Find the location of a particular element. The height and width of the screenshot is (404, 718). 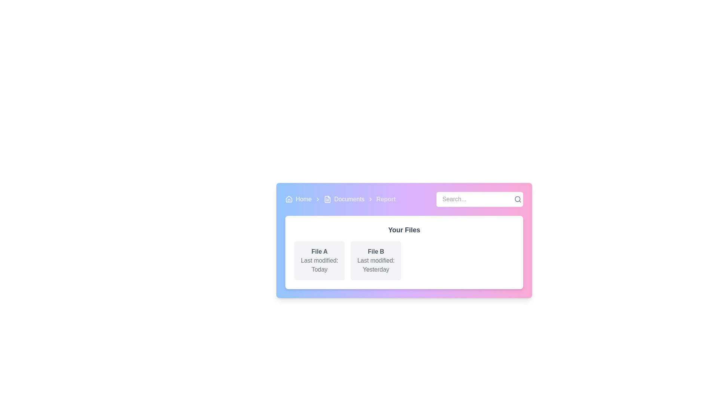

the circular SVG element of the search icon located is located at coordinates (517, 199).